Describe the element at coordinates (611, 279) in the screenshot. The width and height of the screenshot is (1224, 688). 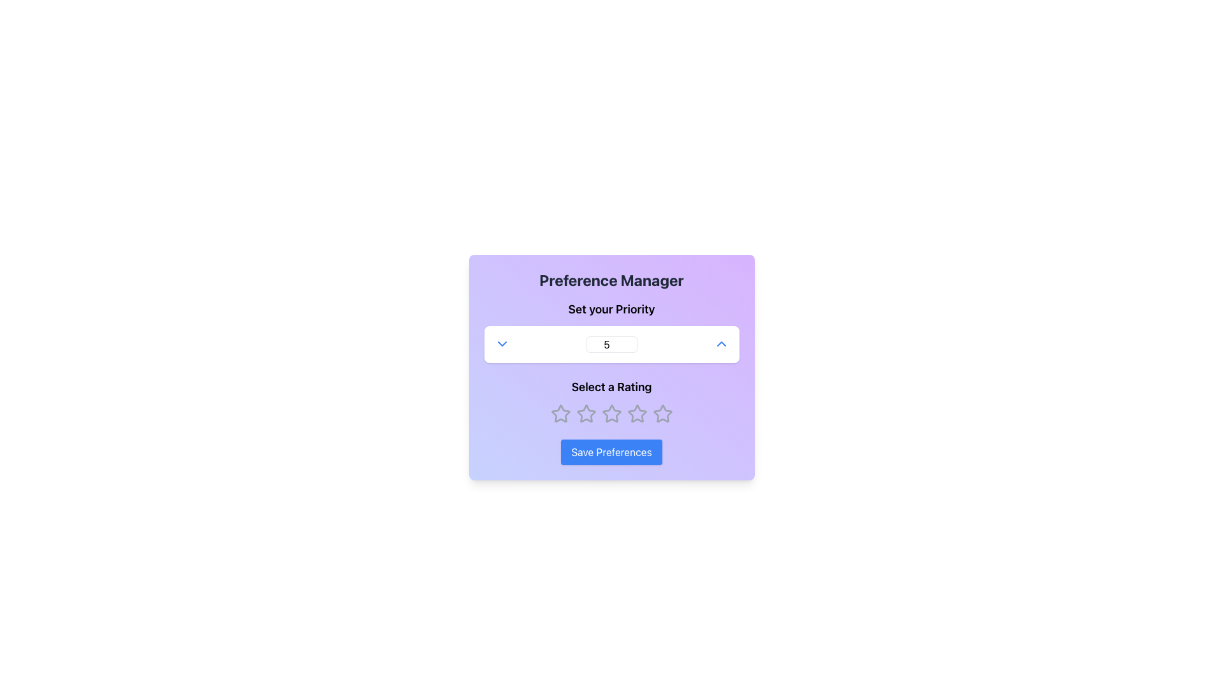
I see `the bold heading 'Preference Manager' at the top center of the card with a gradient purple background` at that location.